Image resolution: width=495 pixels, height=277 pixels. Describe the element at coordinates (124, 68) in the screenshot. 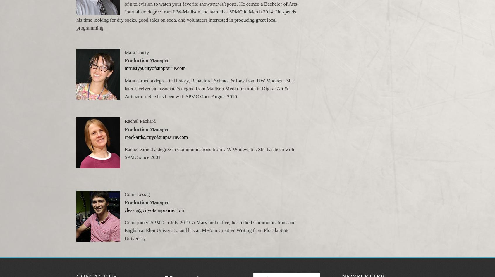

I see `'mtrusty@cityofsunprairie.com'` at that location.